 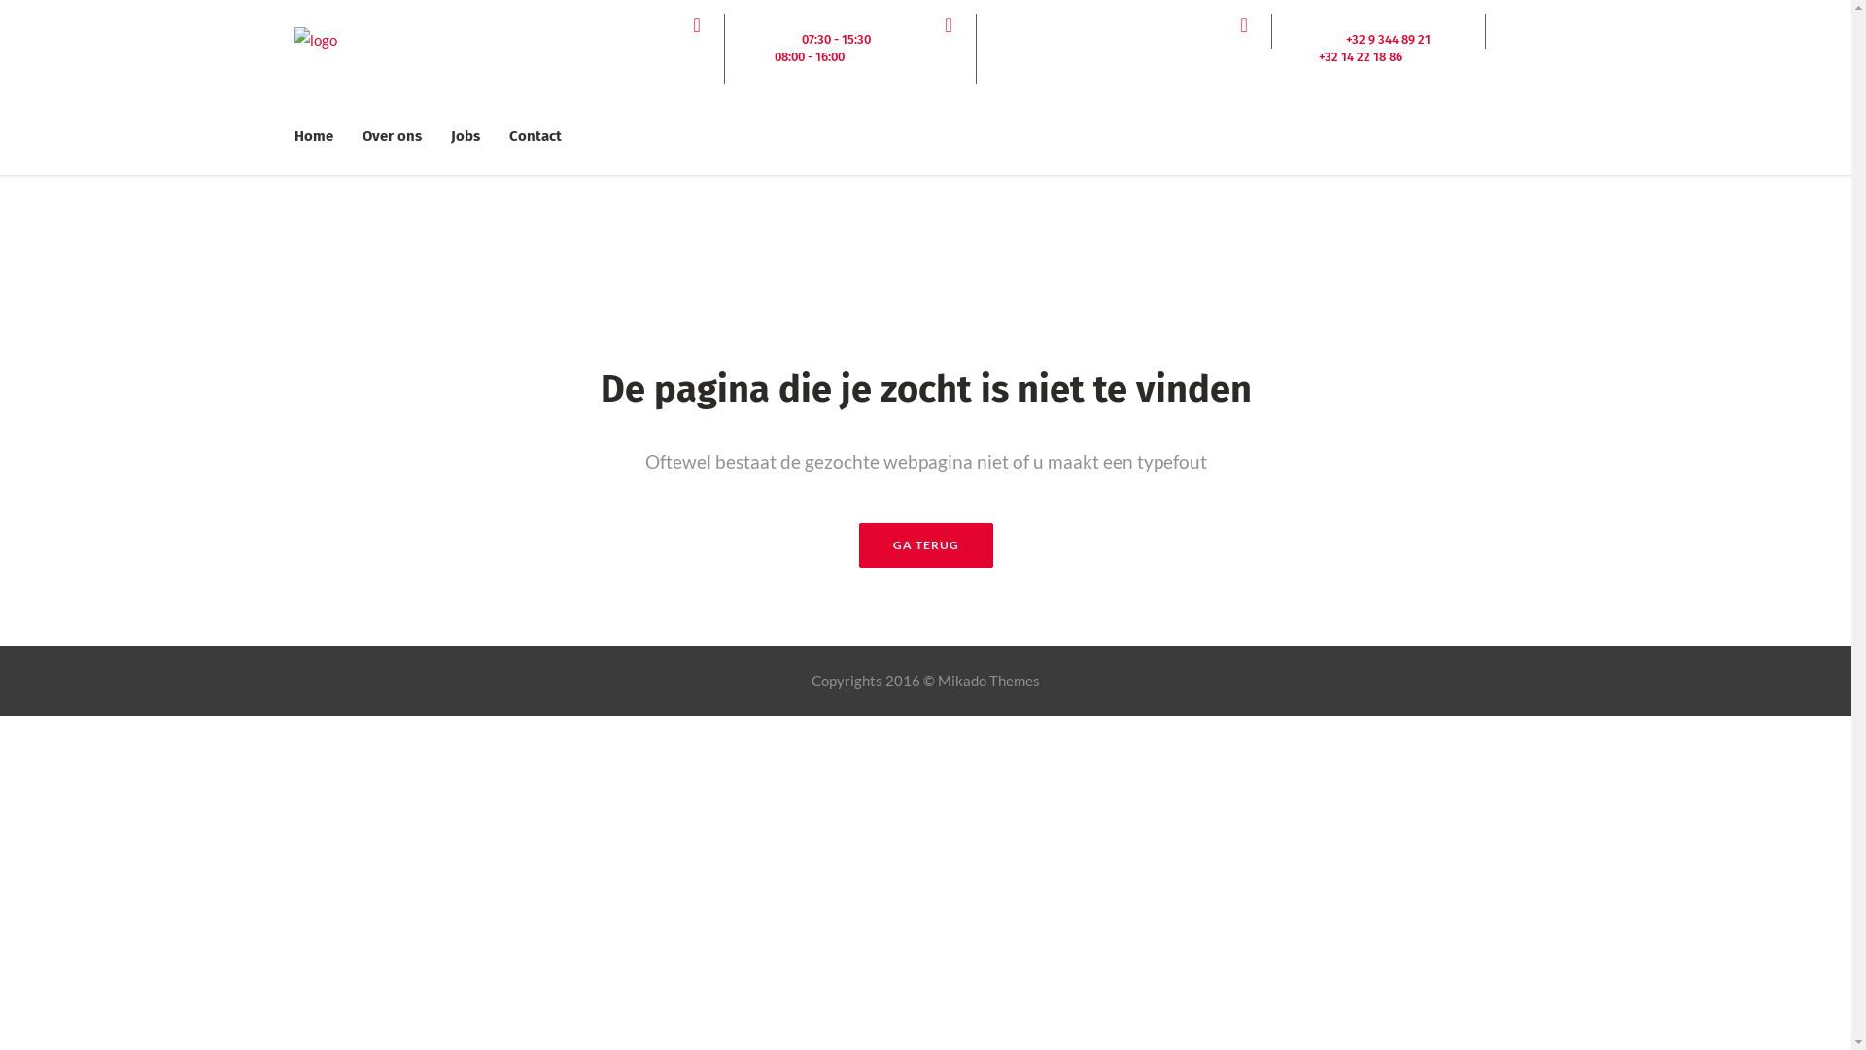 What do you see at coordinates (535, 134) in the screenshot?
I see `'Contact'` at bounding box center [535, 134].